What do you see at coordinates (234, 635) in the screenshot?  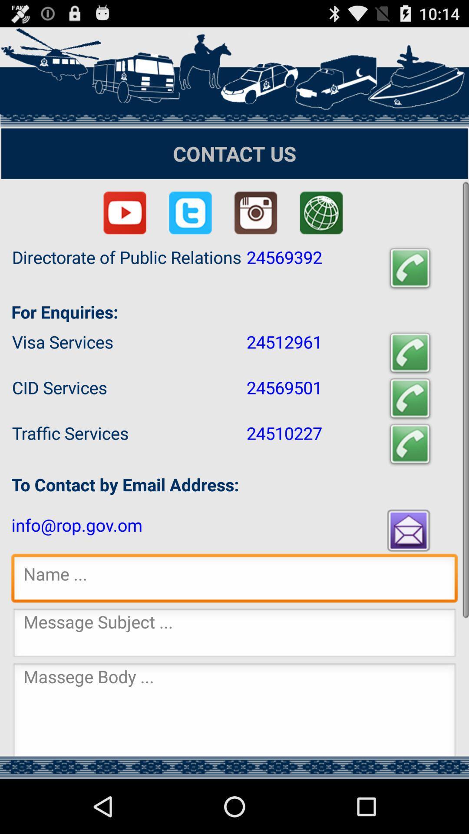 I see `input message subject` at bounding box center [234, 635].